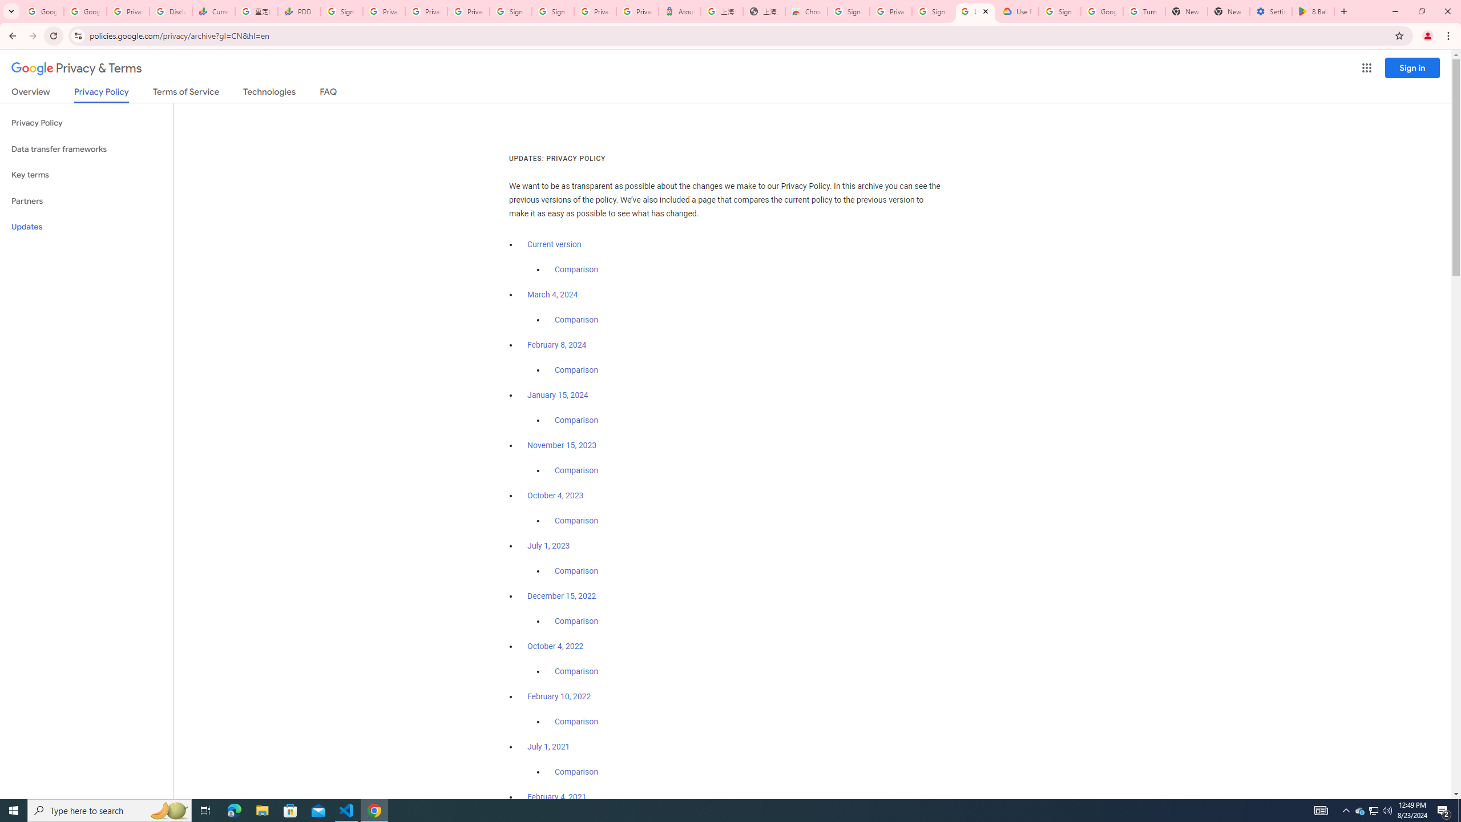  I want to click on 'Comparison', so click(575, 771).